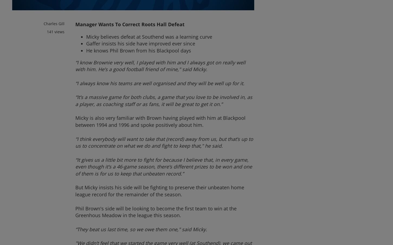  I want to click on 'Phil Brown's side will be looking to become the first team to win at the Greenhous Meadow in the league this season.', so click(75, 211).